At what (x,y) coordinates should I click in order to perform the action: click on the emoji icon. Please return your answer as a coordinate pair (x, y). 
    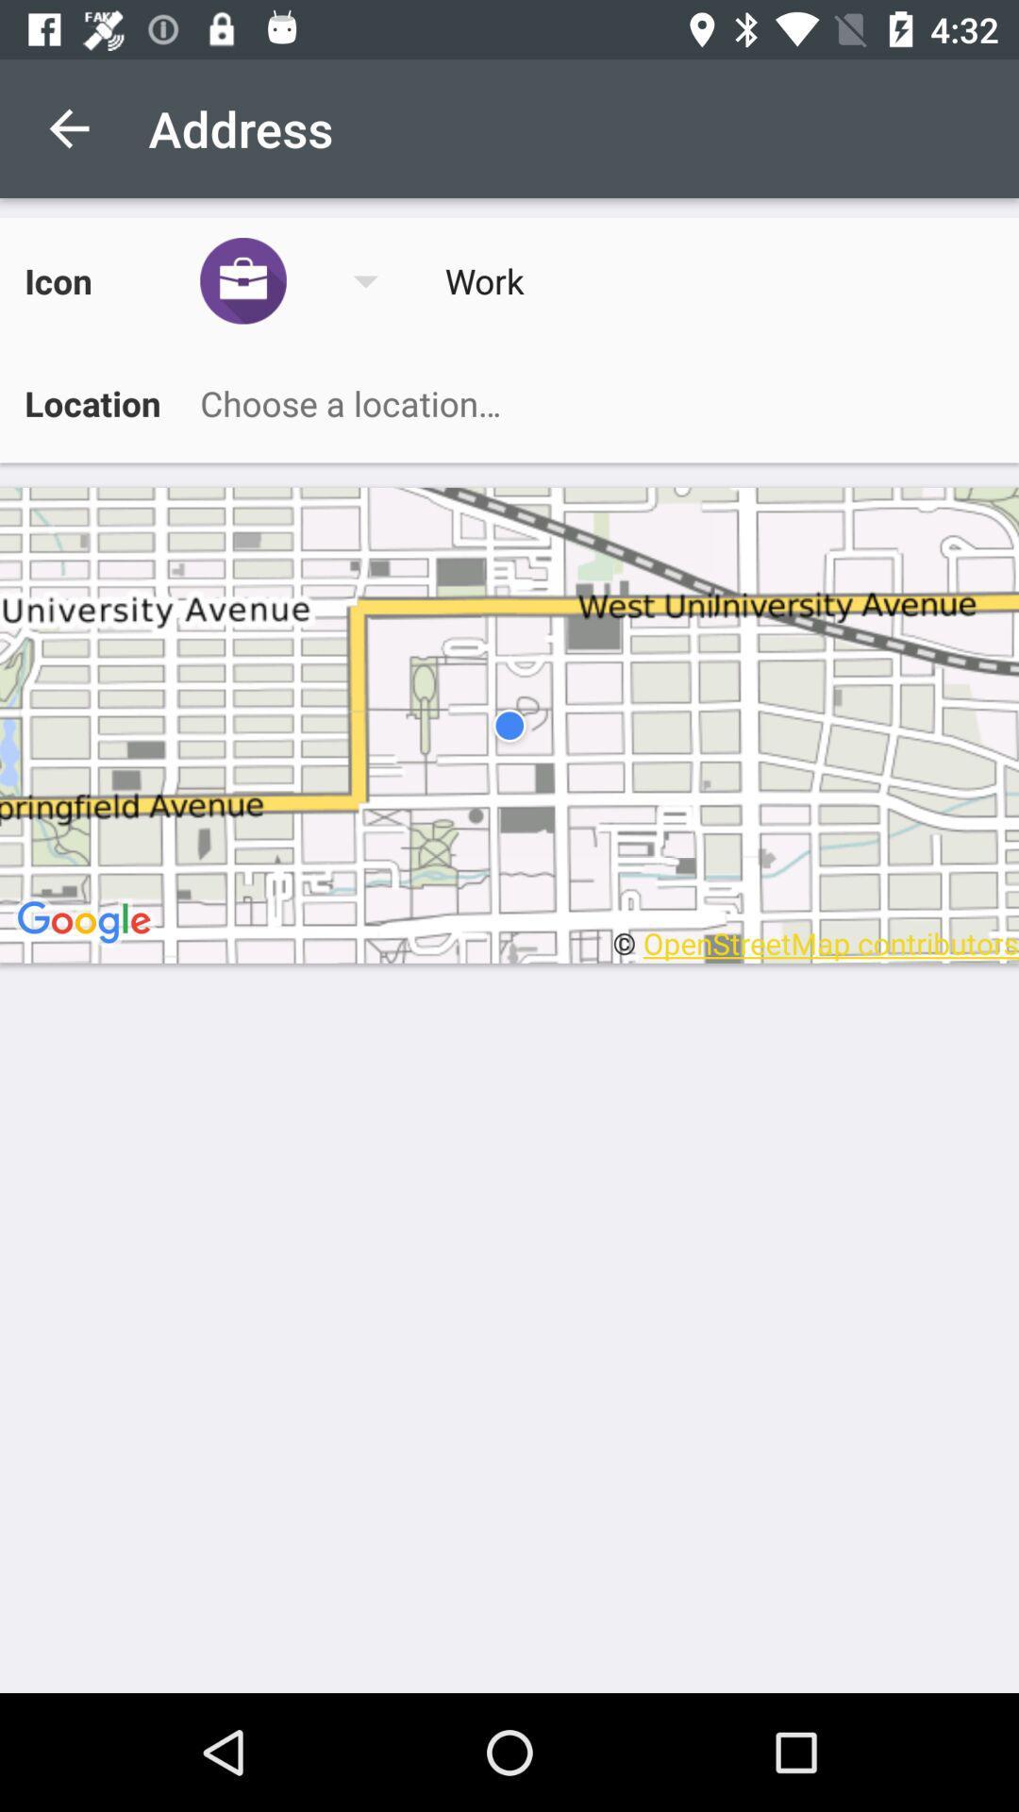
    Looking at the image, I should click on (301, 279).